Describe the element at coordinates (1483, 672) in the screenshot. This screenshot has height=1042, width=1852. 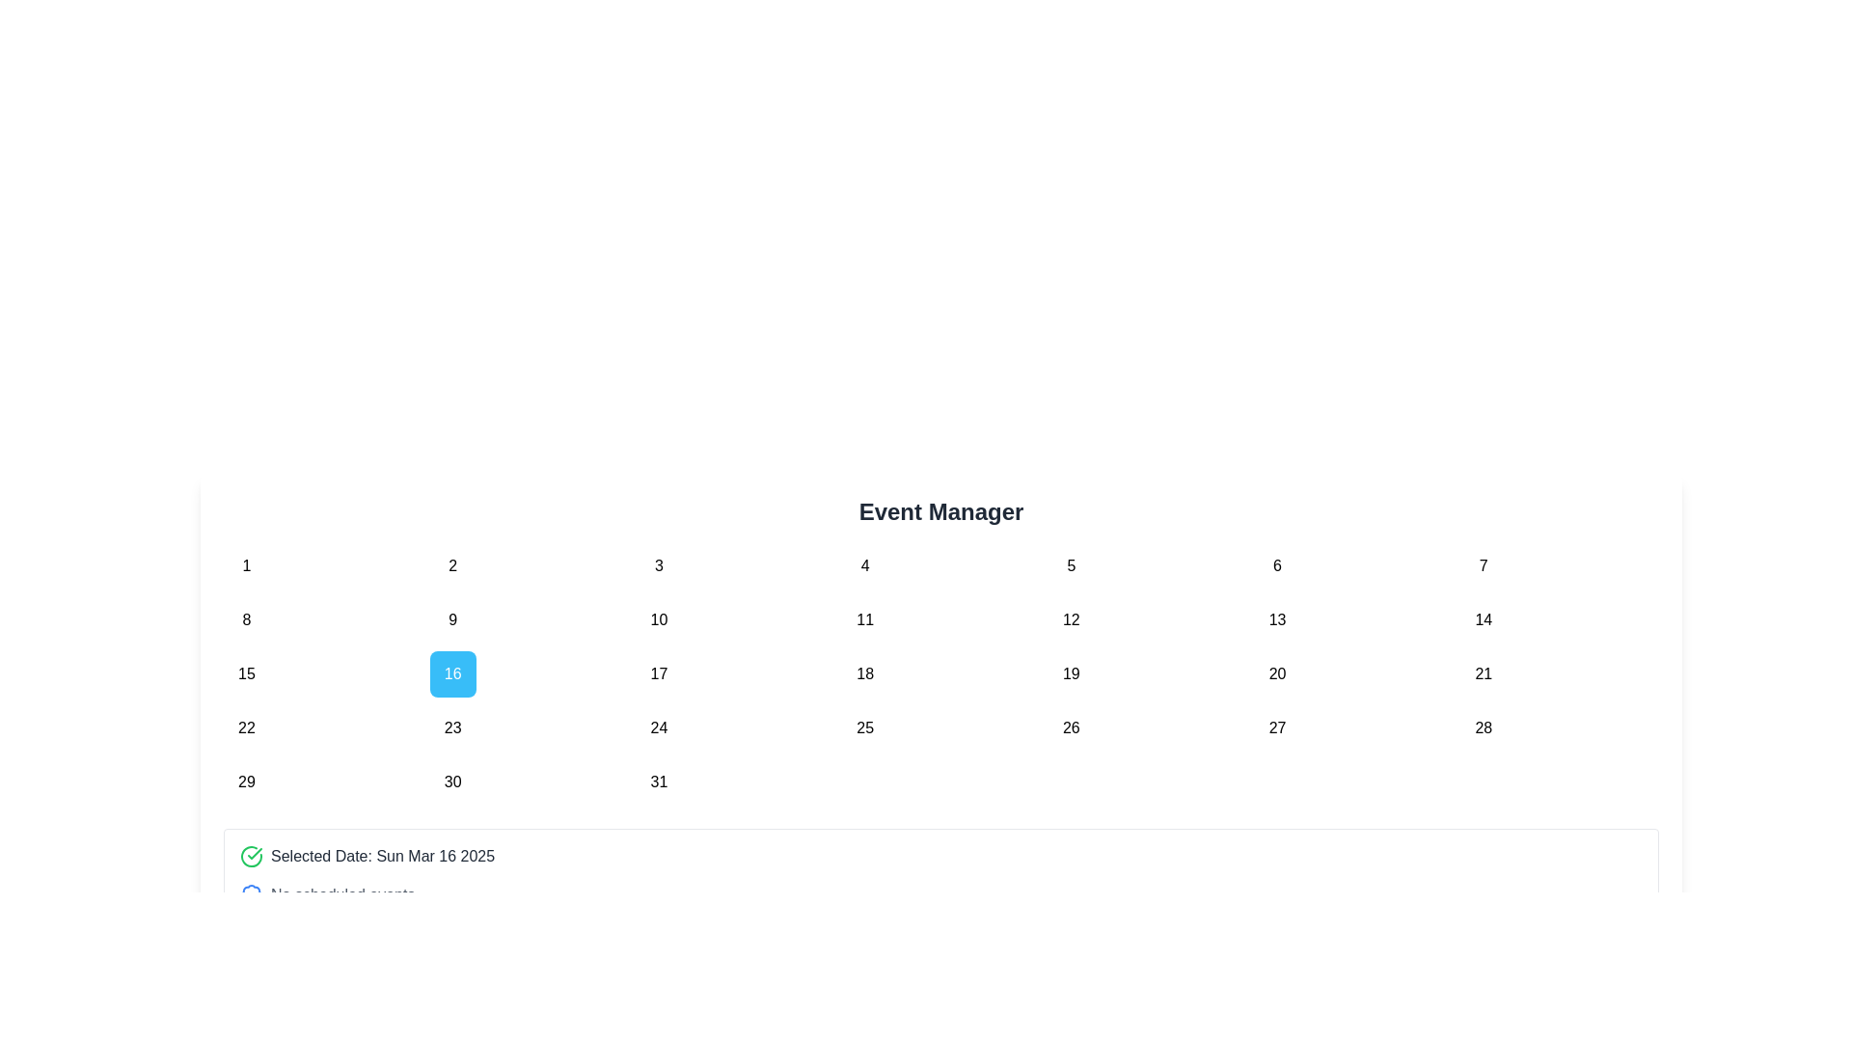
I see `the selectable day button in the calendar interface located in the last column of the third row, below the 'Event Manager' title` at that location.